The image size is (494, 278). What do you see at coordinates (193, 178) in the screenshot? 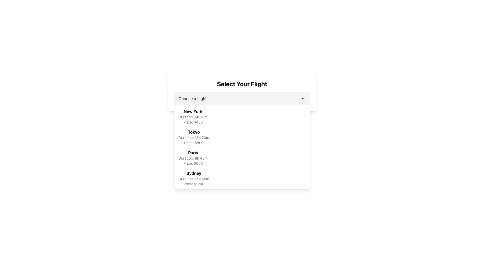
I see `the fourth list item in the dropdown menu under 'Choose a flight' that presents a specific flight option for Sydney` at bounding box center [193, 178].